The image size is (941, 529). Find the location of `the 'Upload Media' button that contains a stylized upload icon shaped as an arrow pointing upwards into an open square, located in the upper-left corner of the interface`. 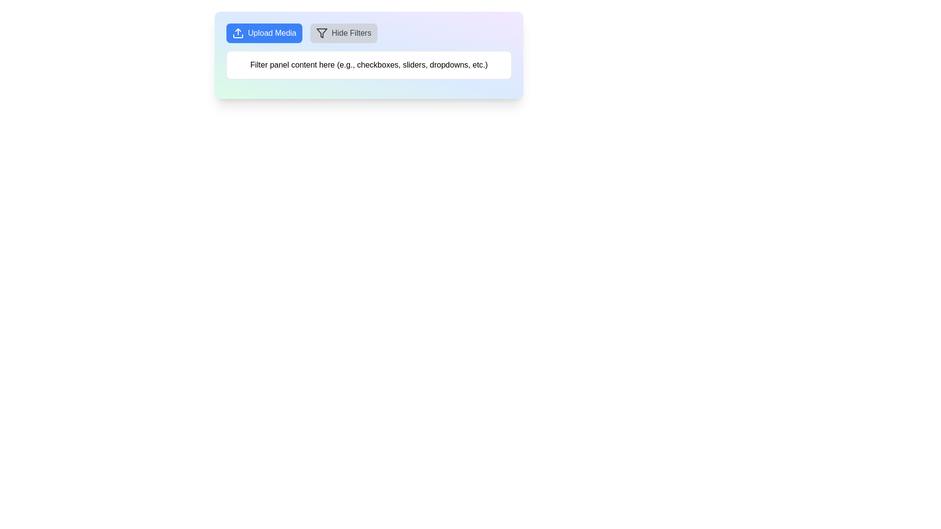

the 'Upload Media' button that contains a stylized upload icon shaped as an arrow pointing upwards into an open square, located in the upper-left corner of the interface is located at coordinates (238, 33).